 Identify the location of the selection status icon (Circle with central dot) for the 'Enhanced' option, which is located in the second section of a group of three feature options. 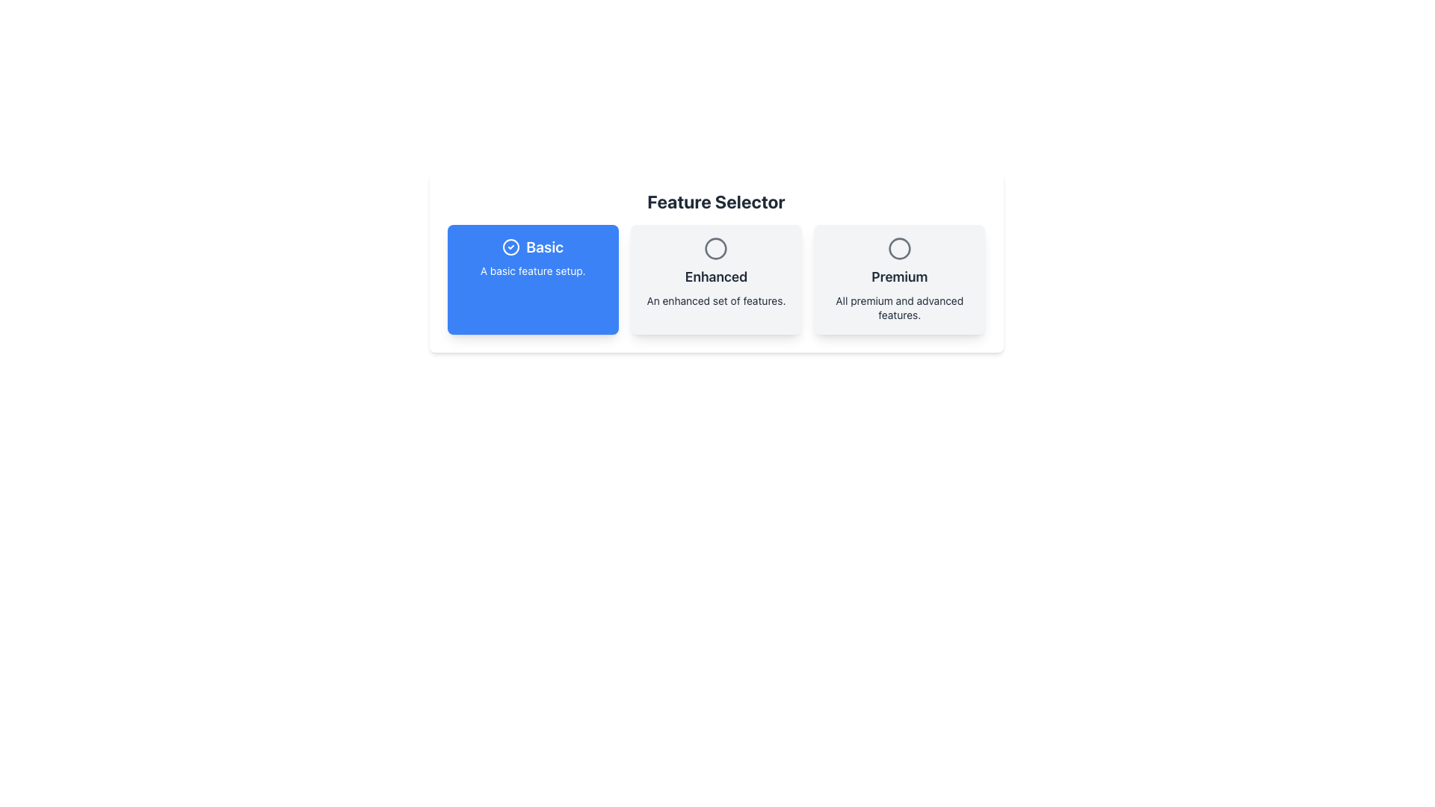
(715, 247).